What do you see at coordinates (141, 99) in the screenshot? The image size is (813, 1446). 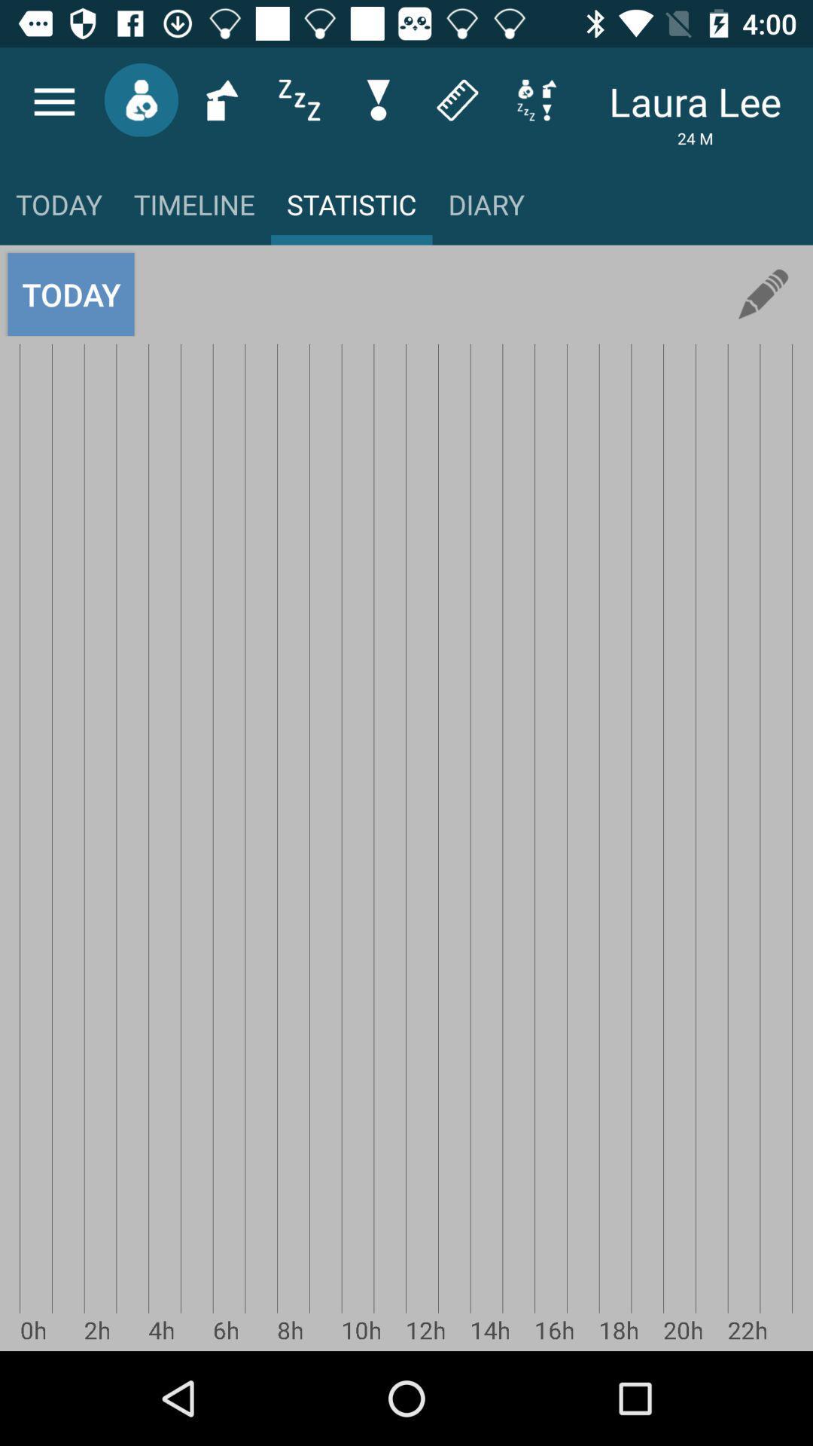 I see `the avatar icon` at bounding box center [141, 99].